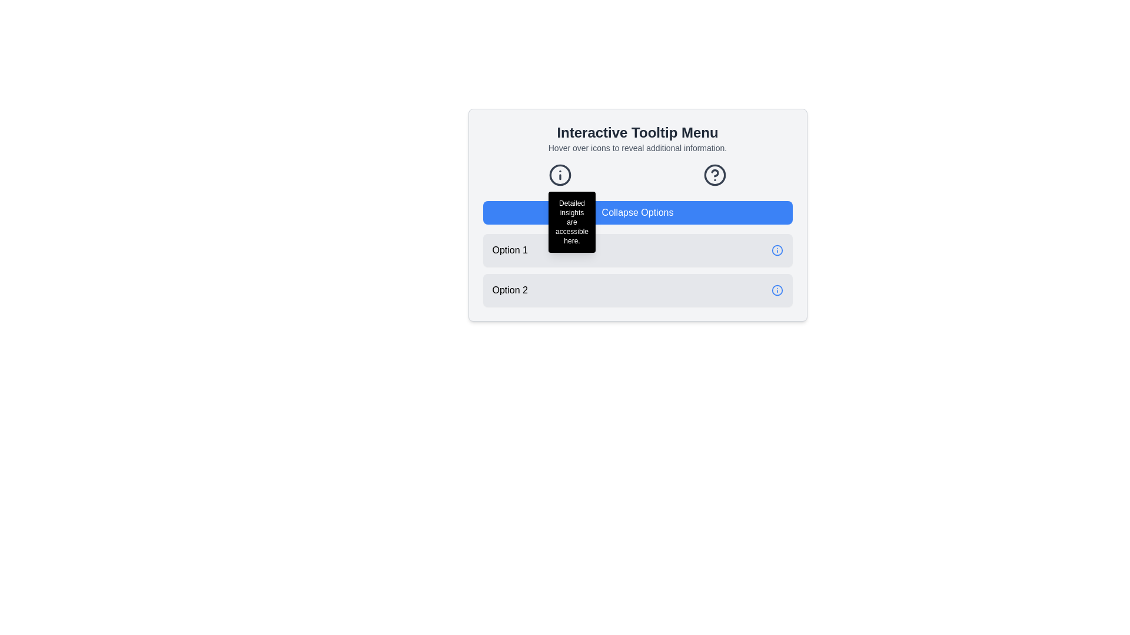  I want to click on the button that collapses or hides additional options, located centrally below a tooltip and above 'Option 1' and 'Option 2', to change its color, so click(637, 213).